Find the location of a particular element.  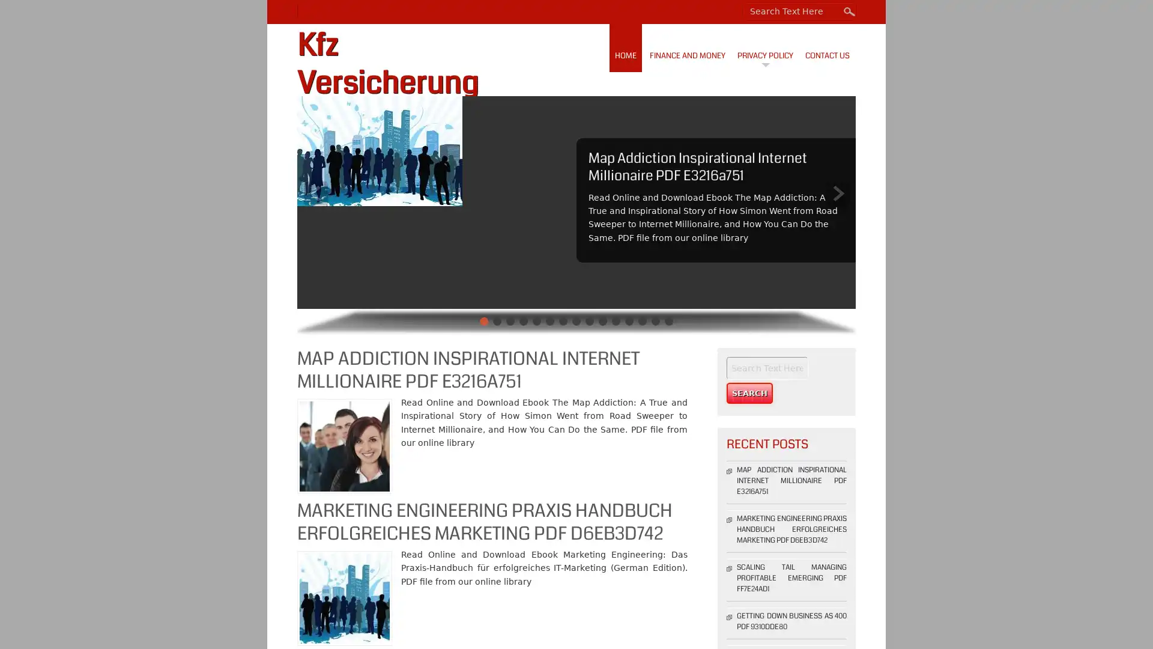

Search is located at coordinates (749, 393).